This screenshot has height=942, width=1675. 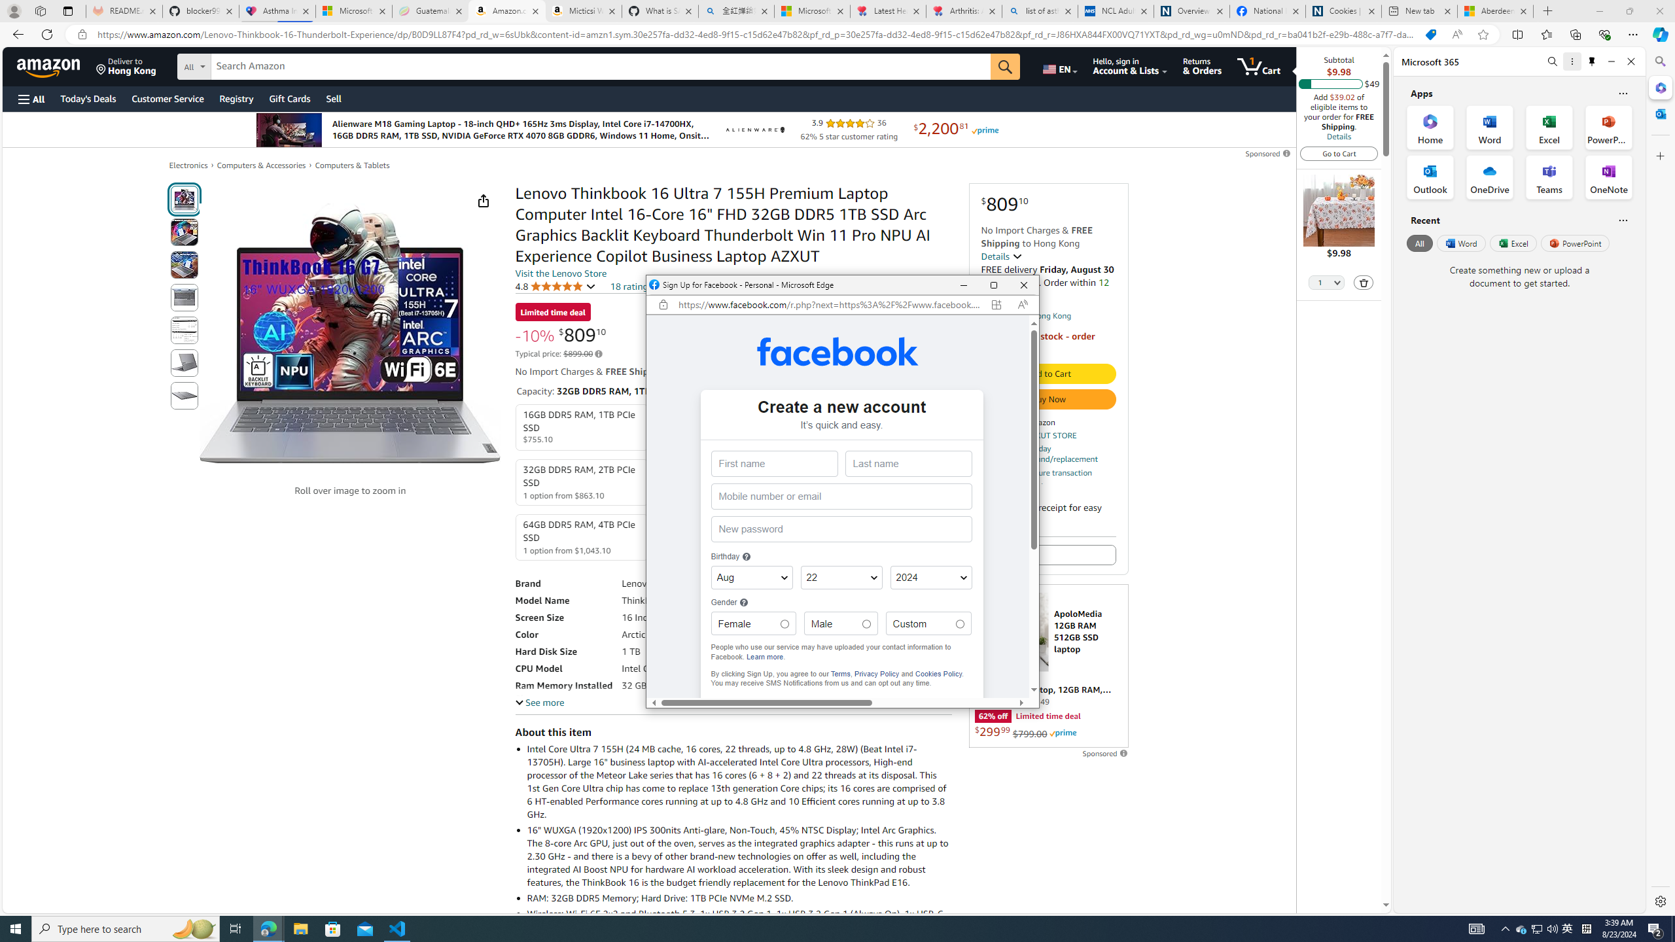 I want to click on 'Quantity Selector', so click(x=1326, y=283).